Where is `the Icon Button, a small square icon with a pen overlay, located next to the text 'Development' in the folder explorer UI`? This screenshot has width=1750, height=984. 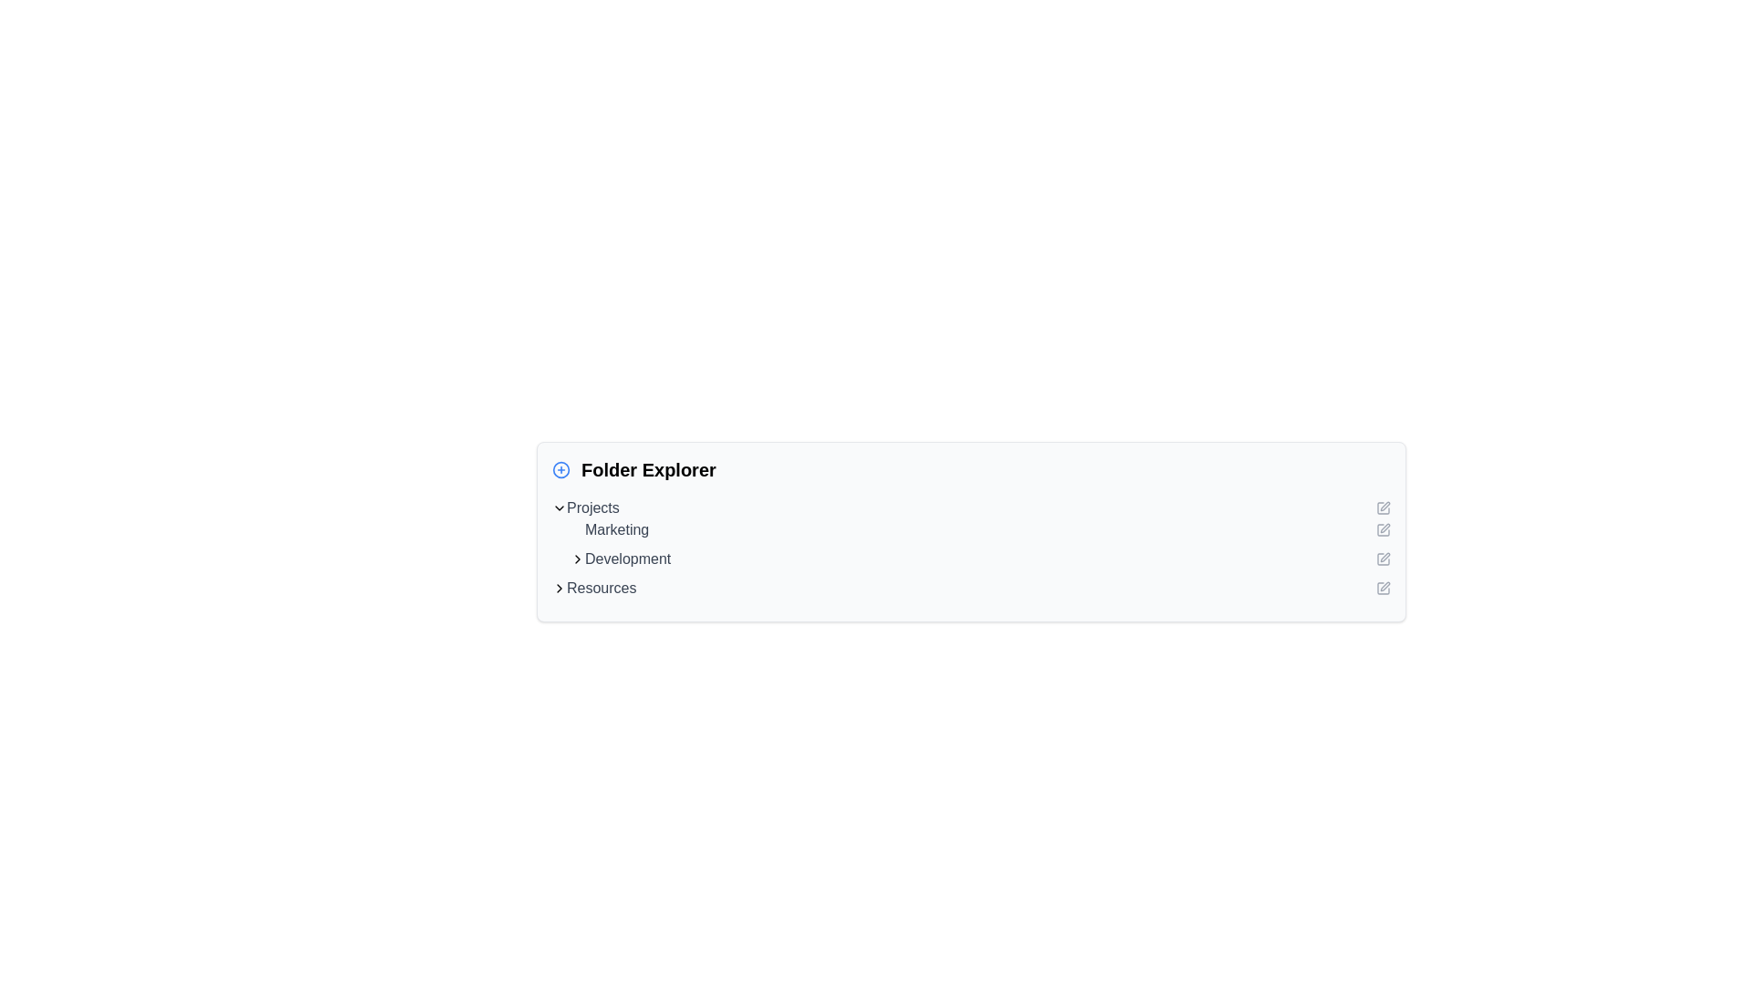 the Icon Button, a small square icon with a pen overlay, located next to the text 'Development' in the folder explorer UI is located at coordinates (1383, 558).